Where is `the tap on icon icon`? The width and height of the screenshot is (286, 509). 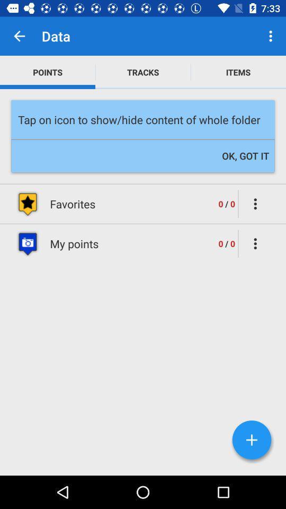
the tap on icon icon is located at coordinates (143, 119).